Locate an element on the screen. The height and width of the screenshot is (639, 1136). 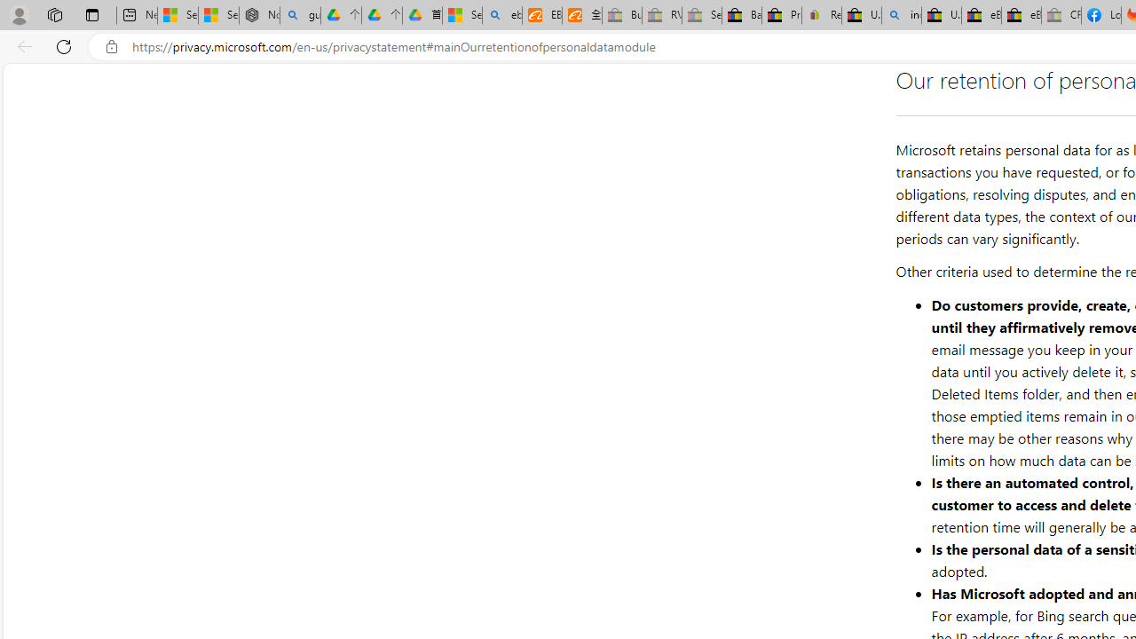
'Sell worldwide with eBay - Sleeping' is located at coordinates (701, 15).